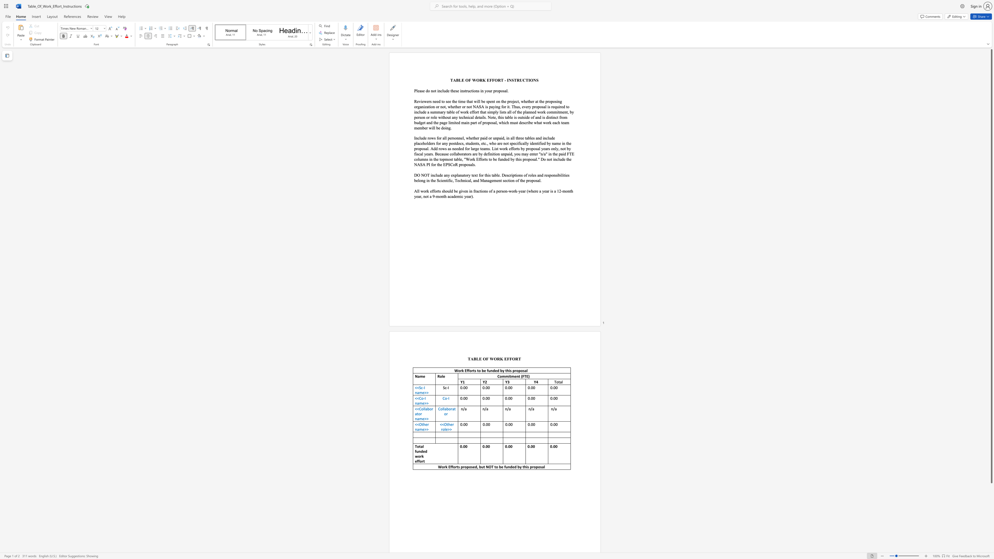  What do you see at coordinates (991, 520) in the screenshot?
I see `the scrollbar to move the page downward` at bounding box center [991, 520].